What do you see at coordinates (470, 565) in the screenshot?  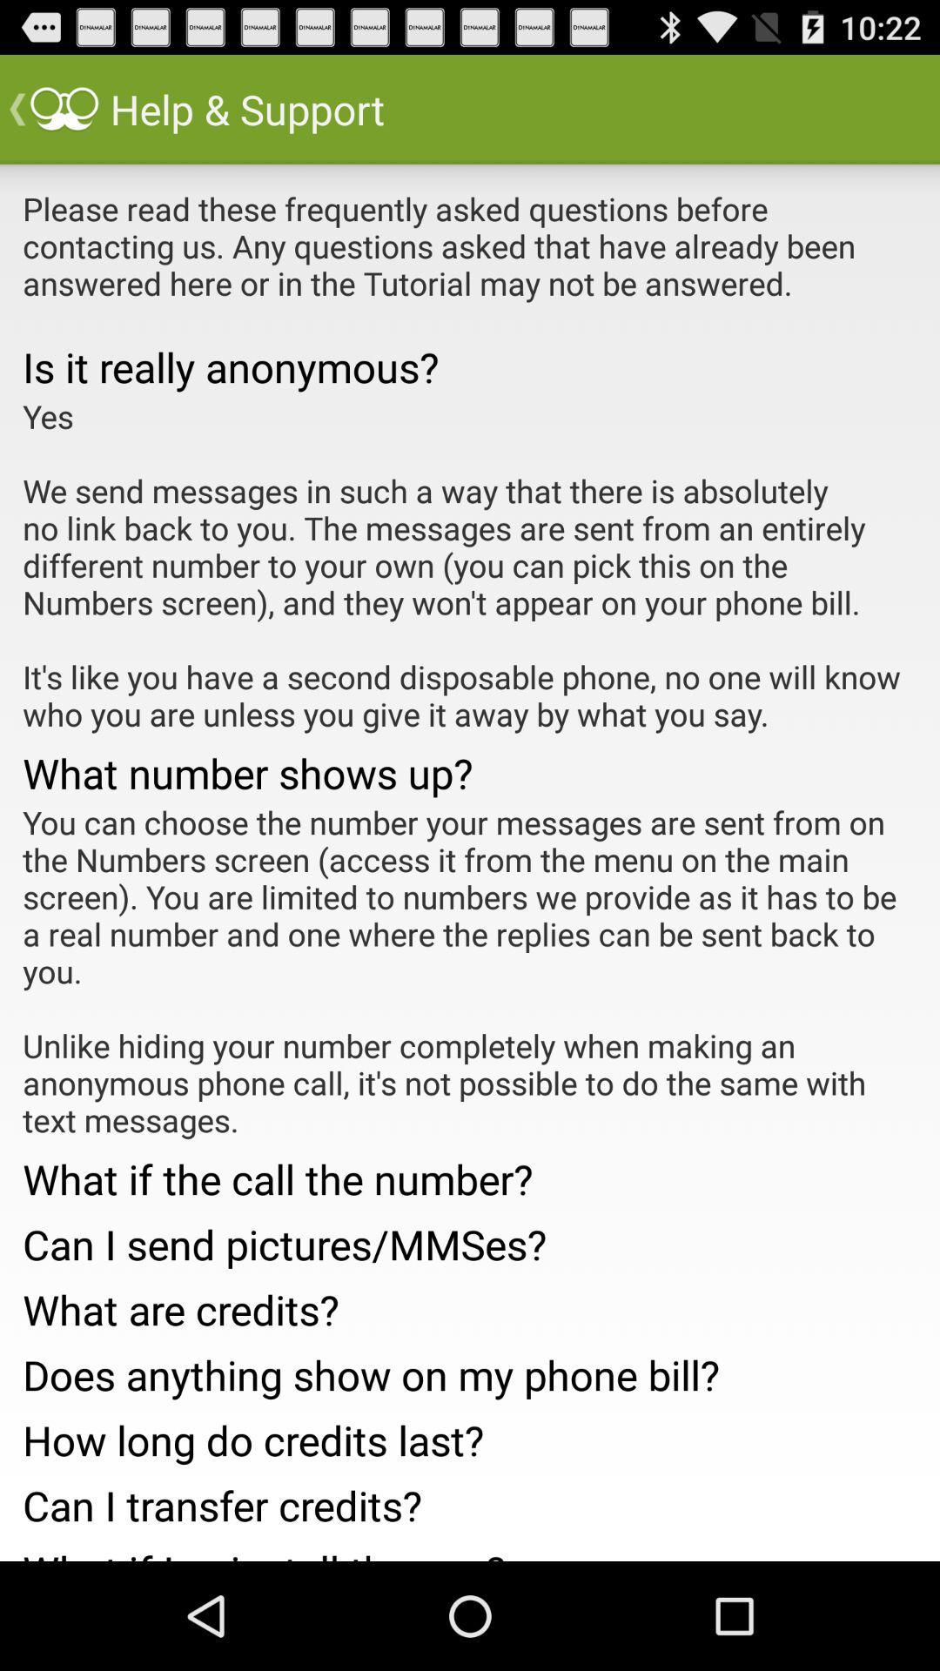 I see `app above the what number shows` at bounding box center [470, 565].